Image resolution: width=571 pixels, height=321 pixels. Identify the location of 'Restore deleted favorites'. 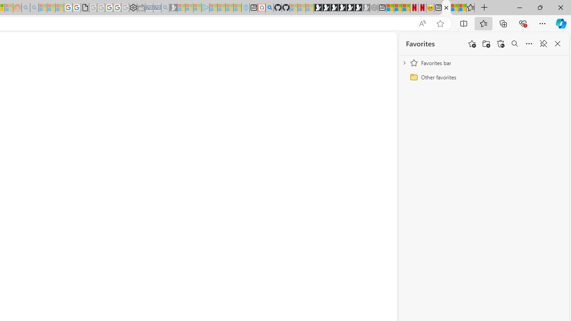
(501, 44).